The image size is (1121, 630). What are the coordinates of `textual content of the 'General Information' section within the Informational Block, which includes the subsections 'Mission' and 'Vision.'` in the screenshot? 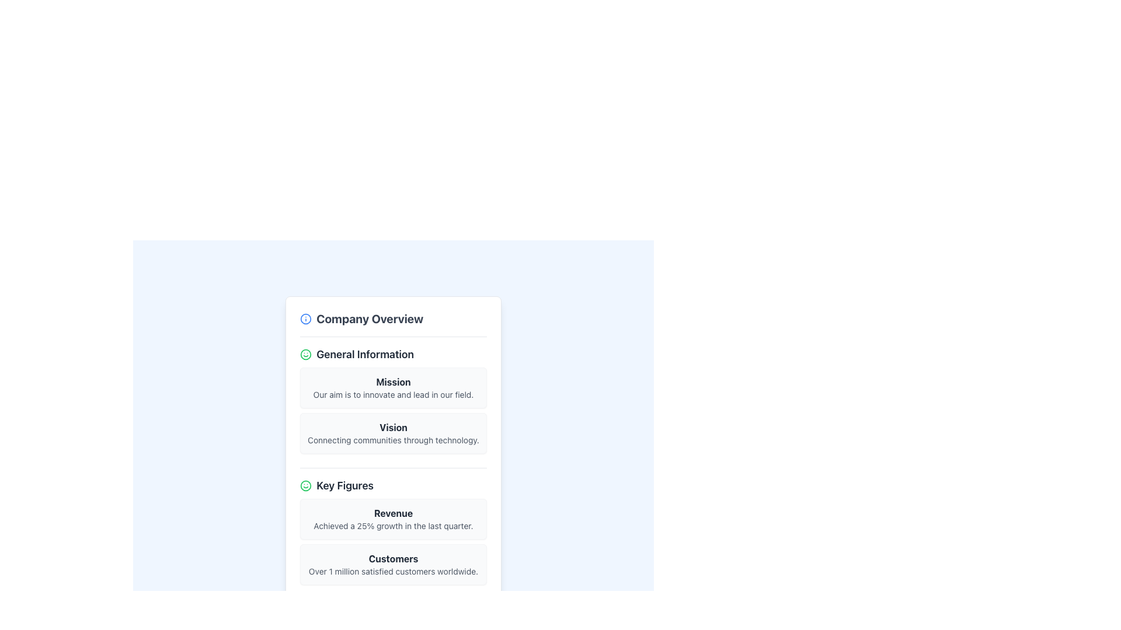 It's located at (393, 394).